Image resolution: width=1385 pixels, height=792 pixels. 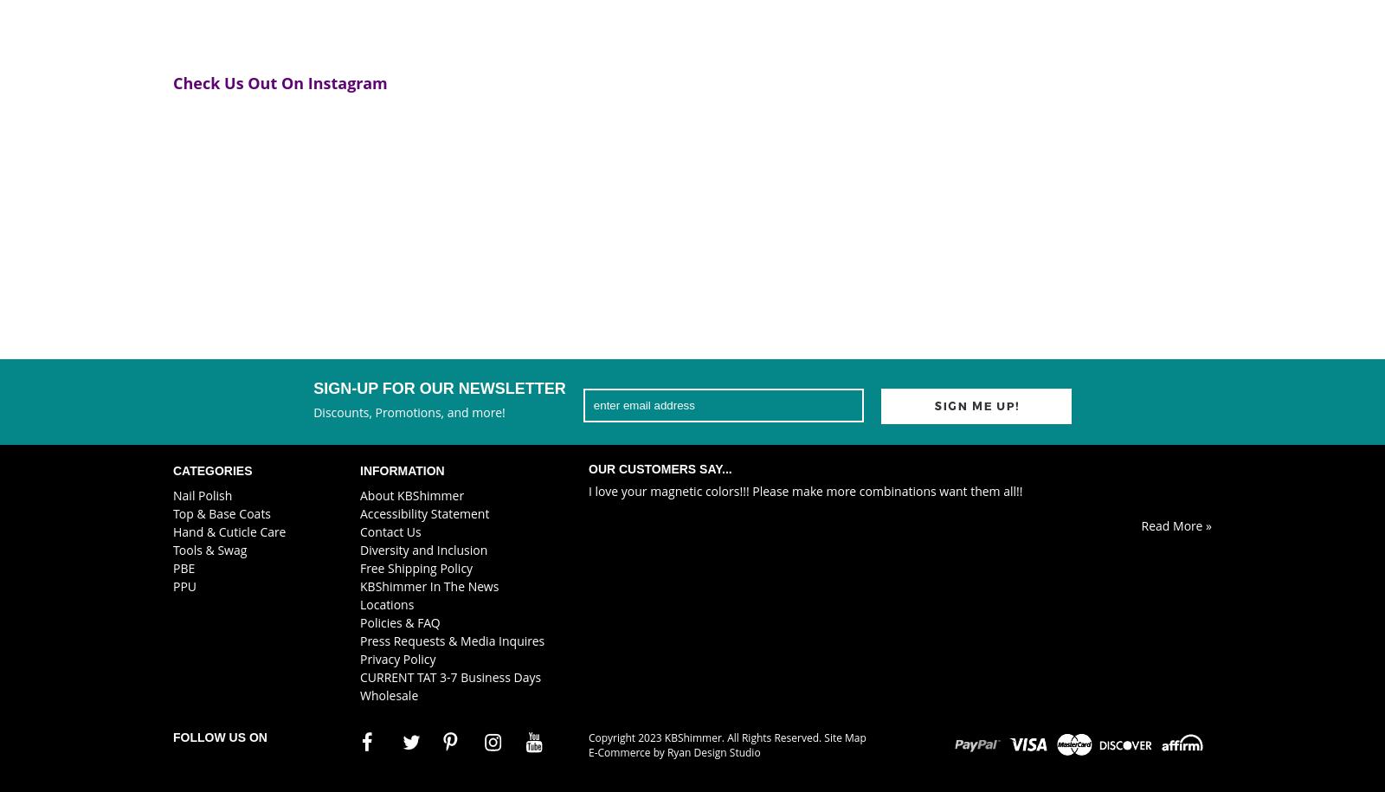 What do you see at coordinates (411, 493) in the screenshot?
I see `'About KBShimmer'` at bounding box center [411, 493].